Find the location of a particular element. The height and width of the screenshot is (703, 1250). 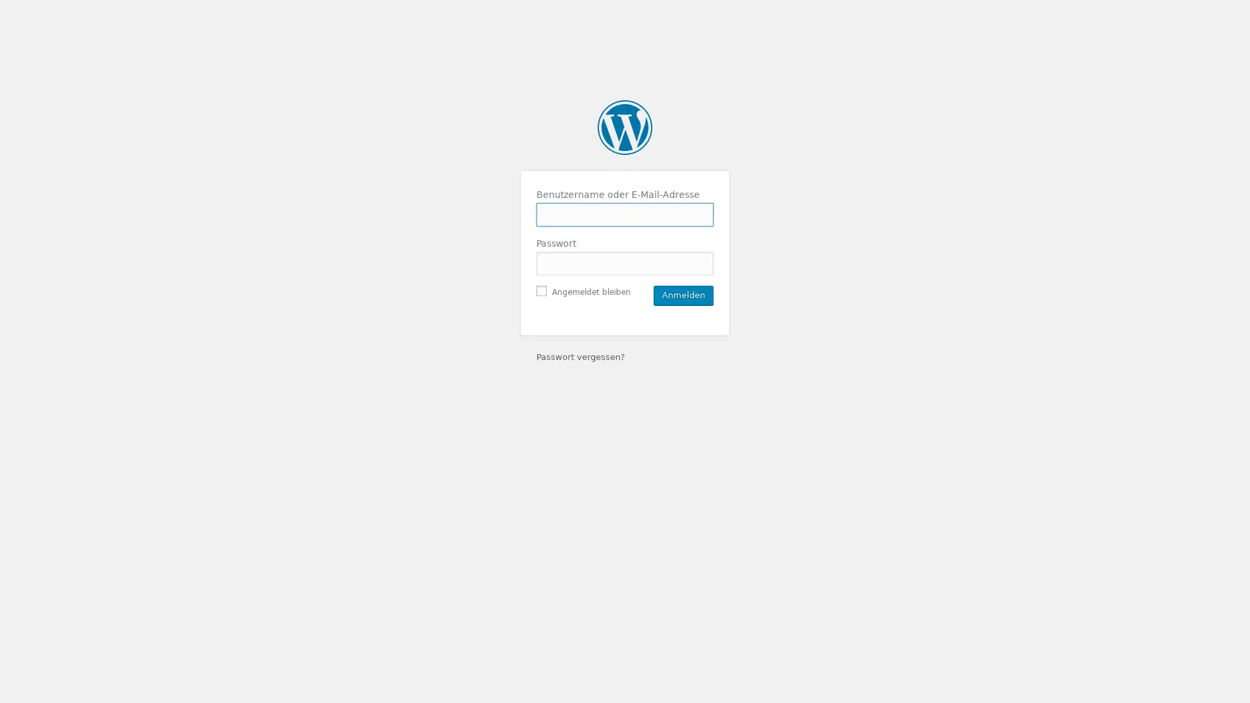

Anmelden is located at coordinates (683, 294).